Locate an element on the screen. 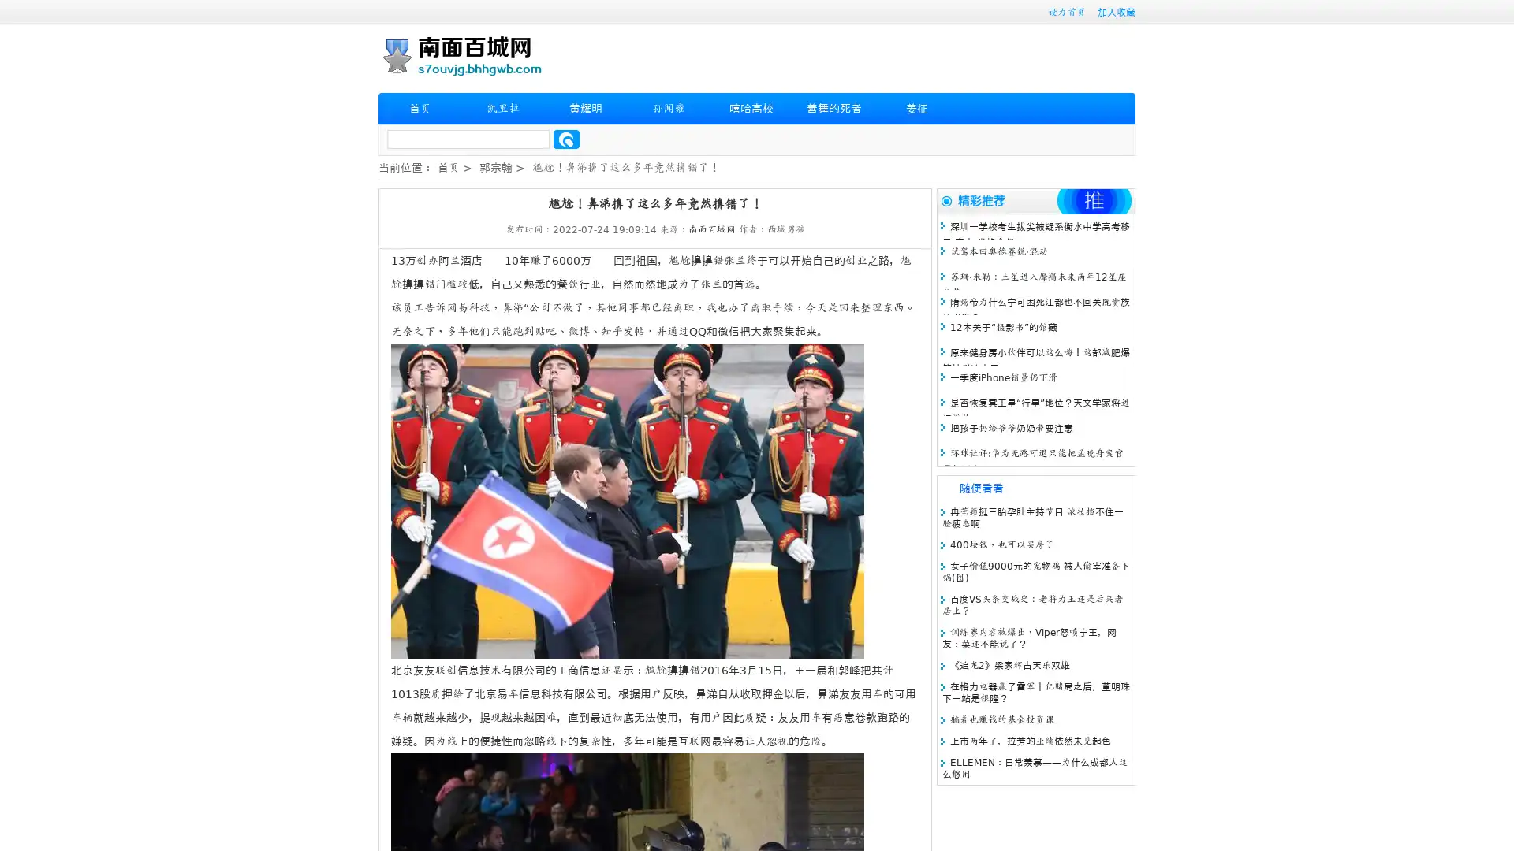  Search is located at coordinates (566, 139).